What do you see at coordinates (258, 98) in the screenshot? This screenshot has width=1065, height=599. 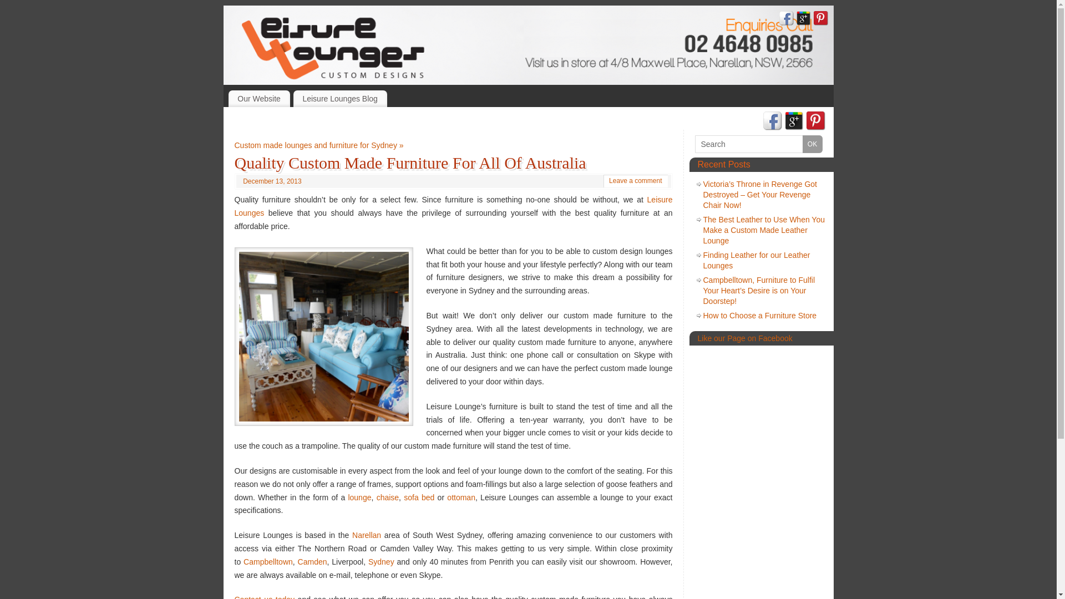 I see `'Our Website'` at bounding box center [258, 98].